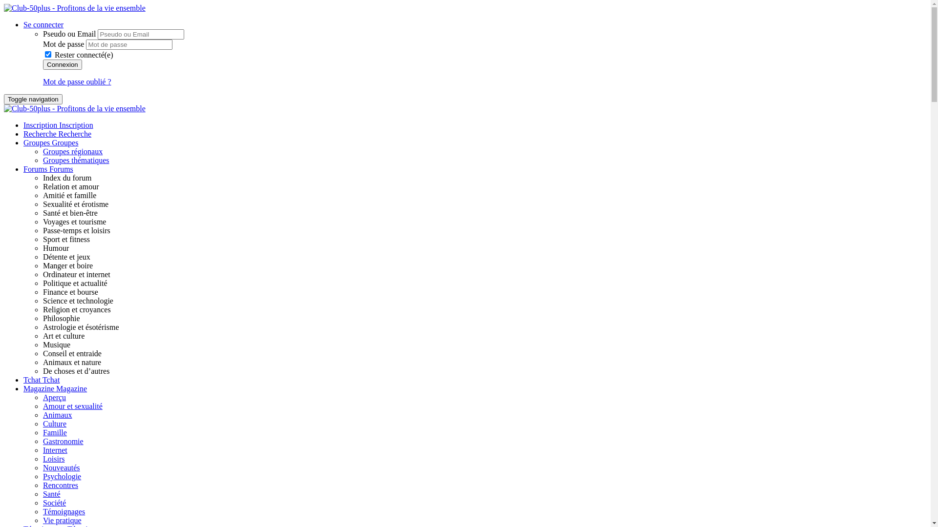 This screenshot has width=938, height=527. I want to click on 'Rencontres', so click(60, 485).